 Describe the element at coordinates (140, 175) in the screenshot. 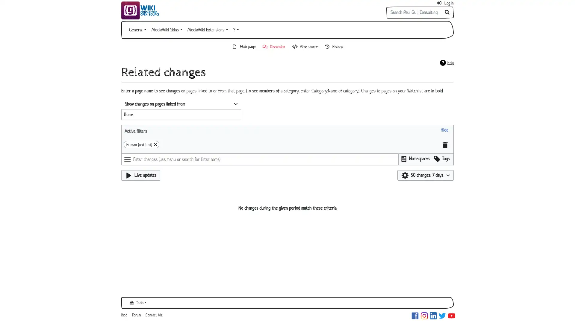

I see `Live updates` at that location.